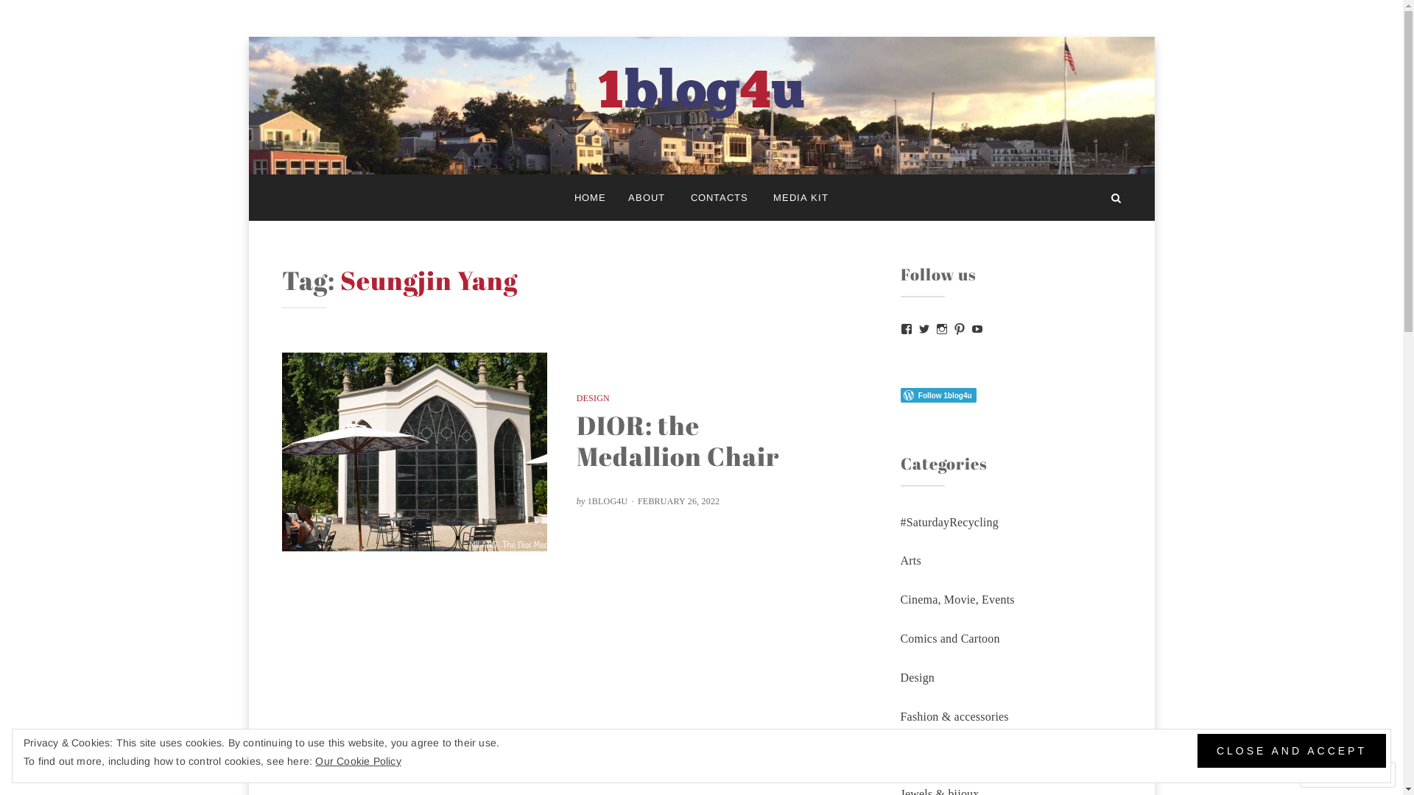  What do you see at coordinates (949, 521) in the screenshot?
I see `'#SaturdayRecycling'` at bounding box center [949, 521].